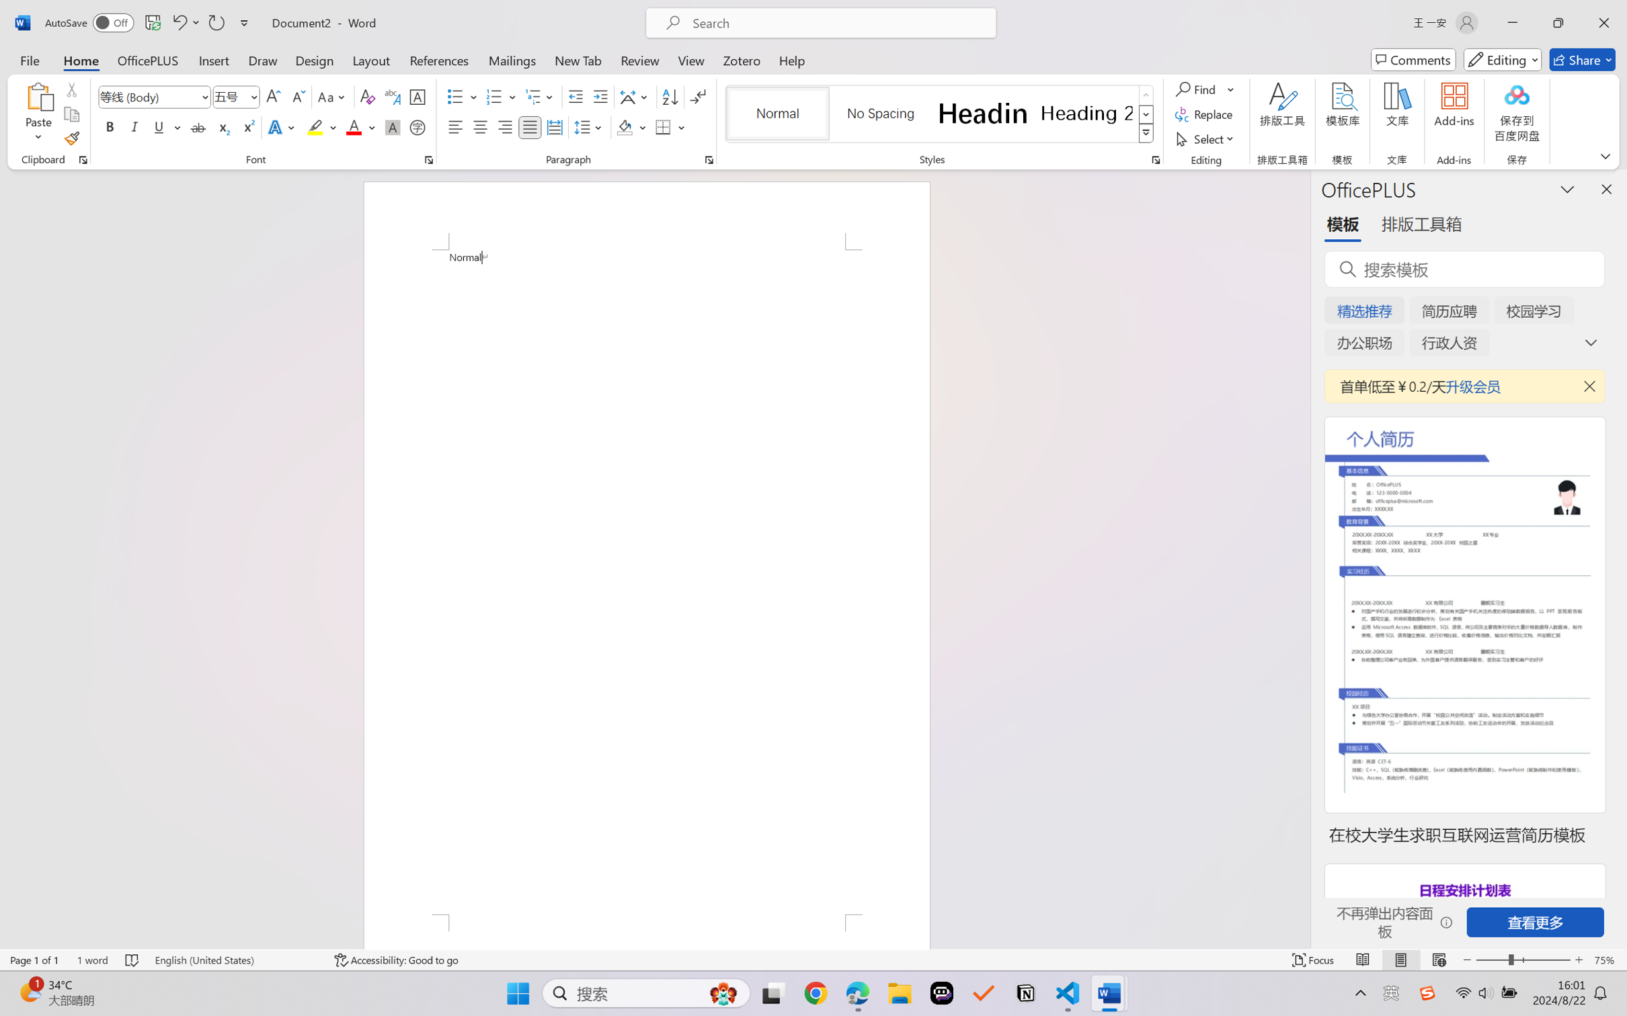  I want to click on 'Help', so click(791, 59).